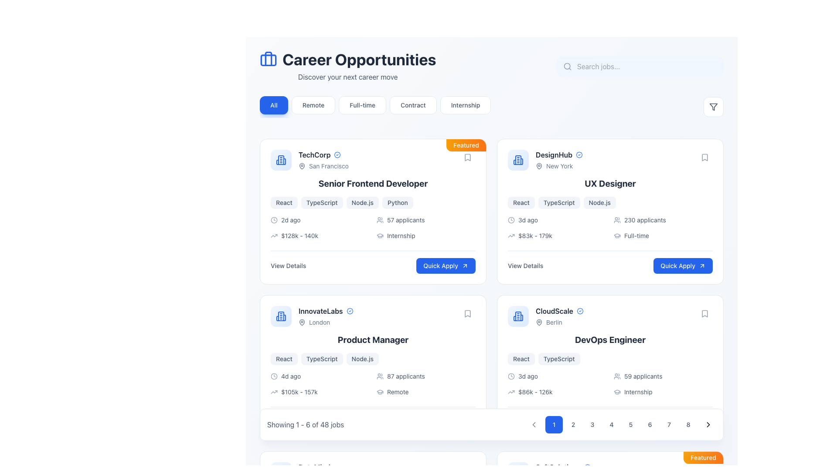 The height and width of the screenshot is (470, 837). What do you see at coordinates (559, 160) in the screenshot?
I see `the text label displaying 'DesignHub' with a blue badge, located at the top right corner of the second job listing` at bounding box center [559, 160].